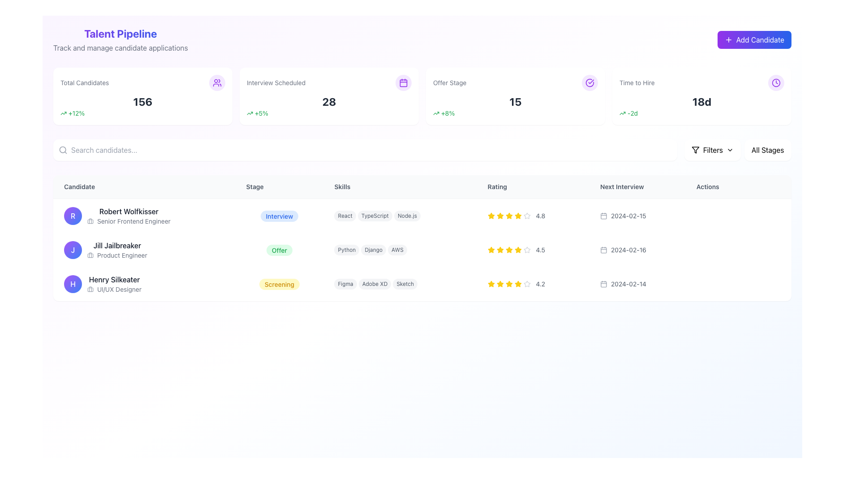 The height and width of the screenshot is (484, 860). I want to click on the static text label displaying 'Offer Stage', which is located in the third visual card from the left, below the heading 'Talent Pipeline', so click(449, 83).